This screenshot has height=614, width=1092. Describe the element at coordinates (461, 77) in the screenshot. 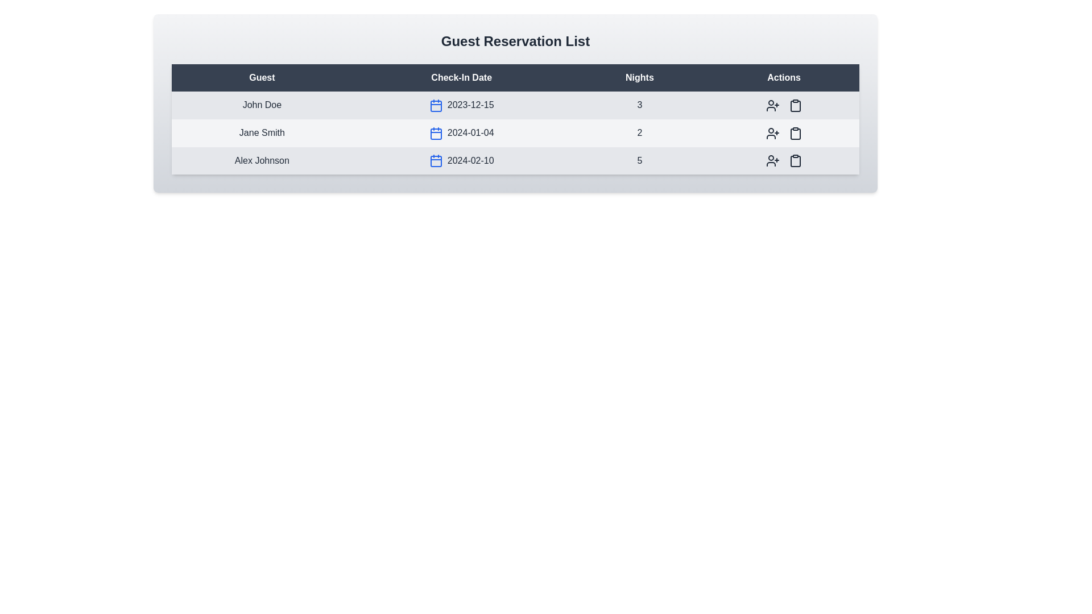

I see `the 'Check-In Date' label, which displays the text in white on a dark gray background, positioned between 'Guest' and 'Nights' in the header row` at that location.